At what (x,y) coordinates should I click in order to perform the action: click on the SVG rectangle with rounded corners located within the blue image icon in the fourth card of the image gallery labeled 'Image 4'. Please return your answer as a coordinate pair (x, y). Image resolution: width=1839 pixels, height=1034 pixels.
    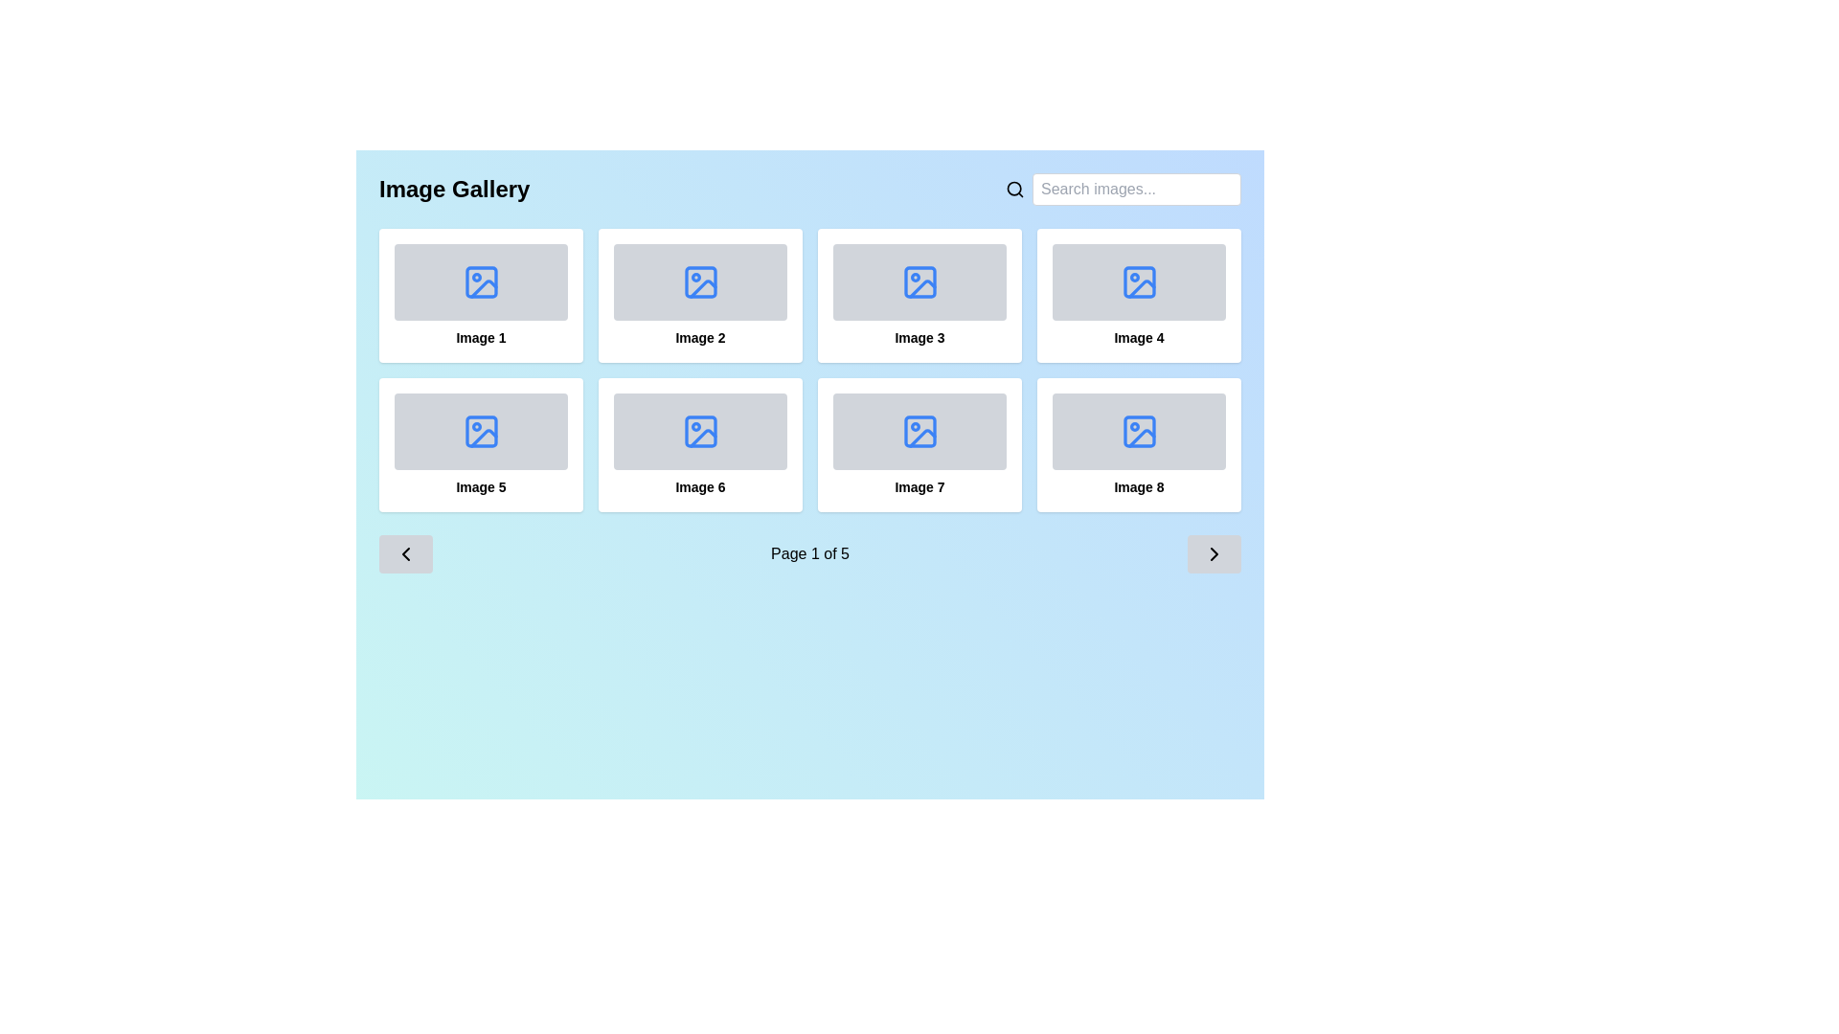
    Looking at the image, I should click on (1139, 281).